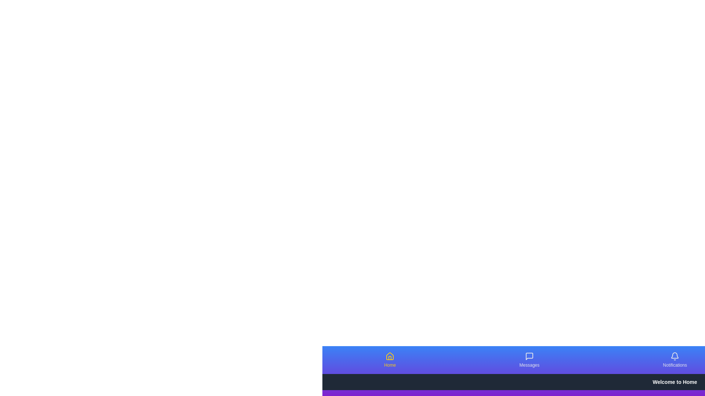  Describe the element at coordinates (675, 356) in the screenshot. I see `the tab icon labeled Notifications` at that location.